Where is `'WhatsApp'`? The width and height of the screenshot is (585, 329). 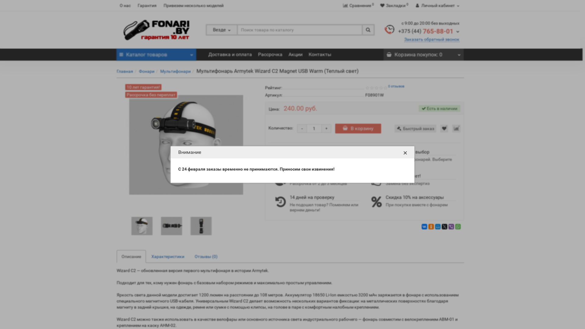 'WhatsApp' is located at coordinates (458, 227).